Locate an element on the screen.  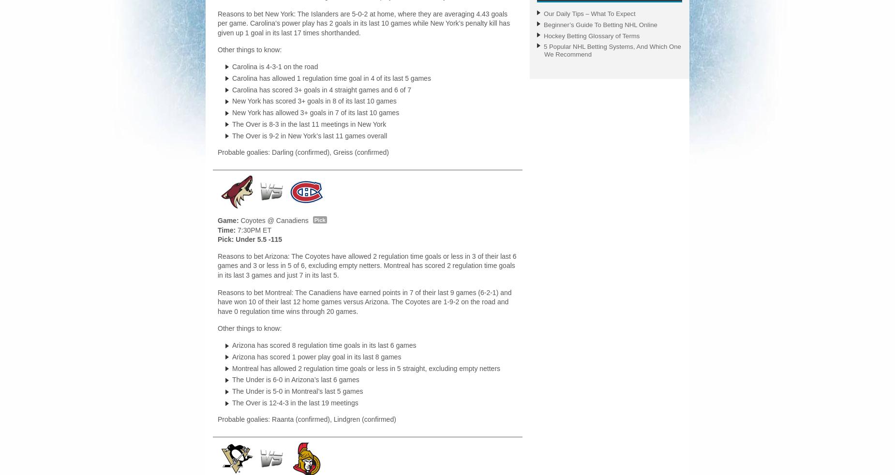
'Our Daily Tips – What To Expect' is located at coordinates (543, 13).